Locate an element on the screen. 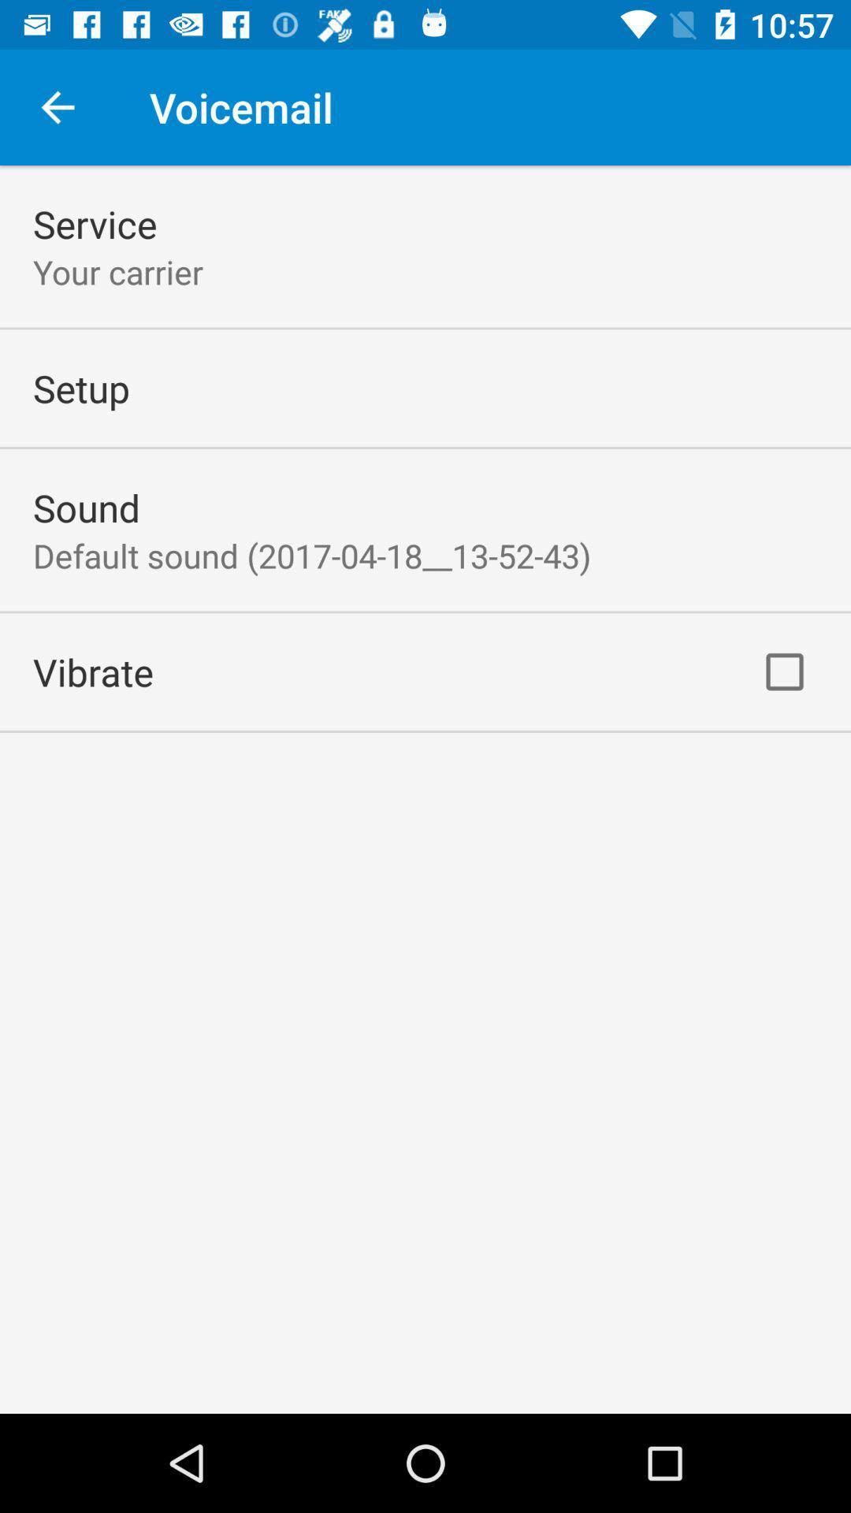 This screenshot has width=851, height=1513. the item below the default sound 2017 item is located at coordinates (93, 671).